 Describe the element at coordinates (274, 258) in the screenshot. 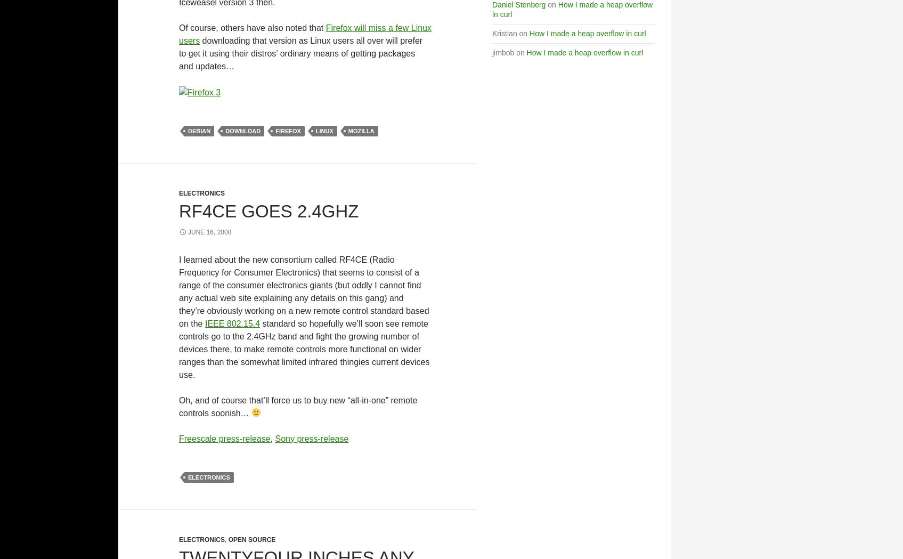

I see `'I learned about the new consortium called RF4CE ('` at that location.